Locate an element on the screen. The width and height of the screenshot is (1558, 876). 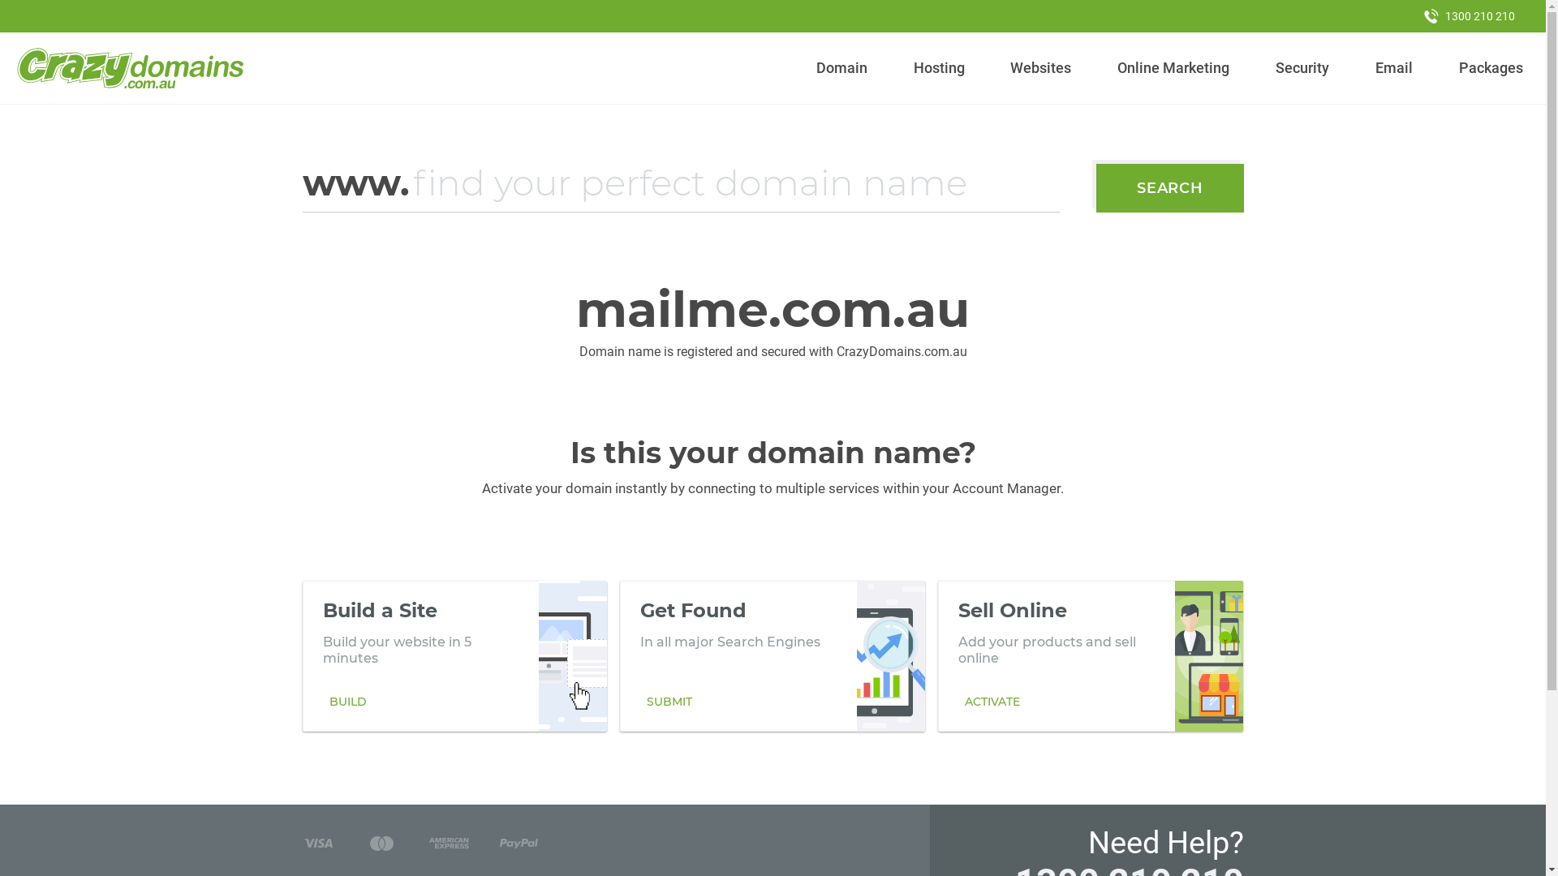
'Online Marketing' is located at coordinates (1173, 67).